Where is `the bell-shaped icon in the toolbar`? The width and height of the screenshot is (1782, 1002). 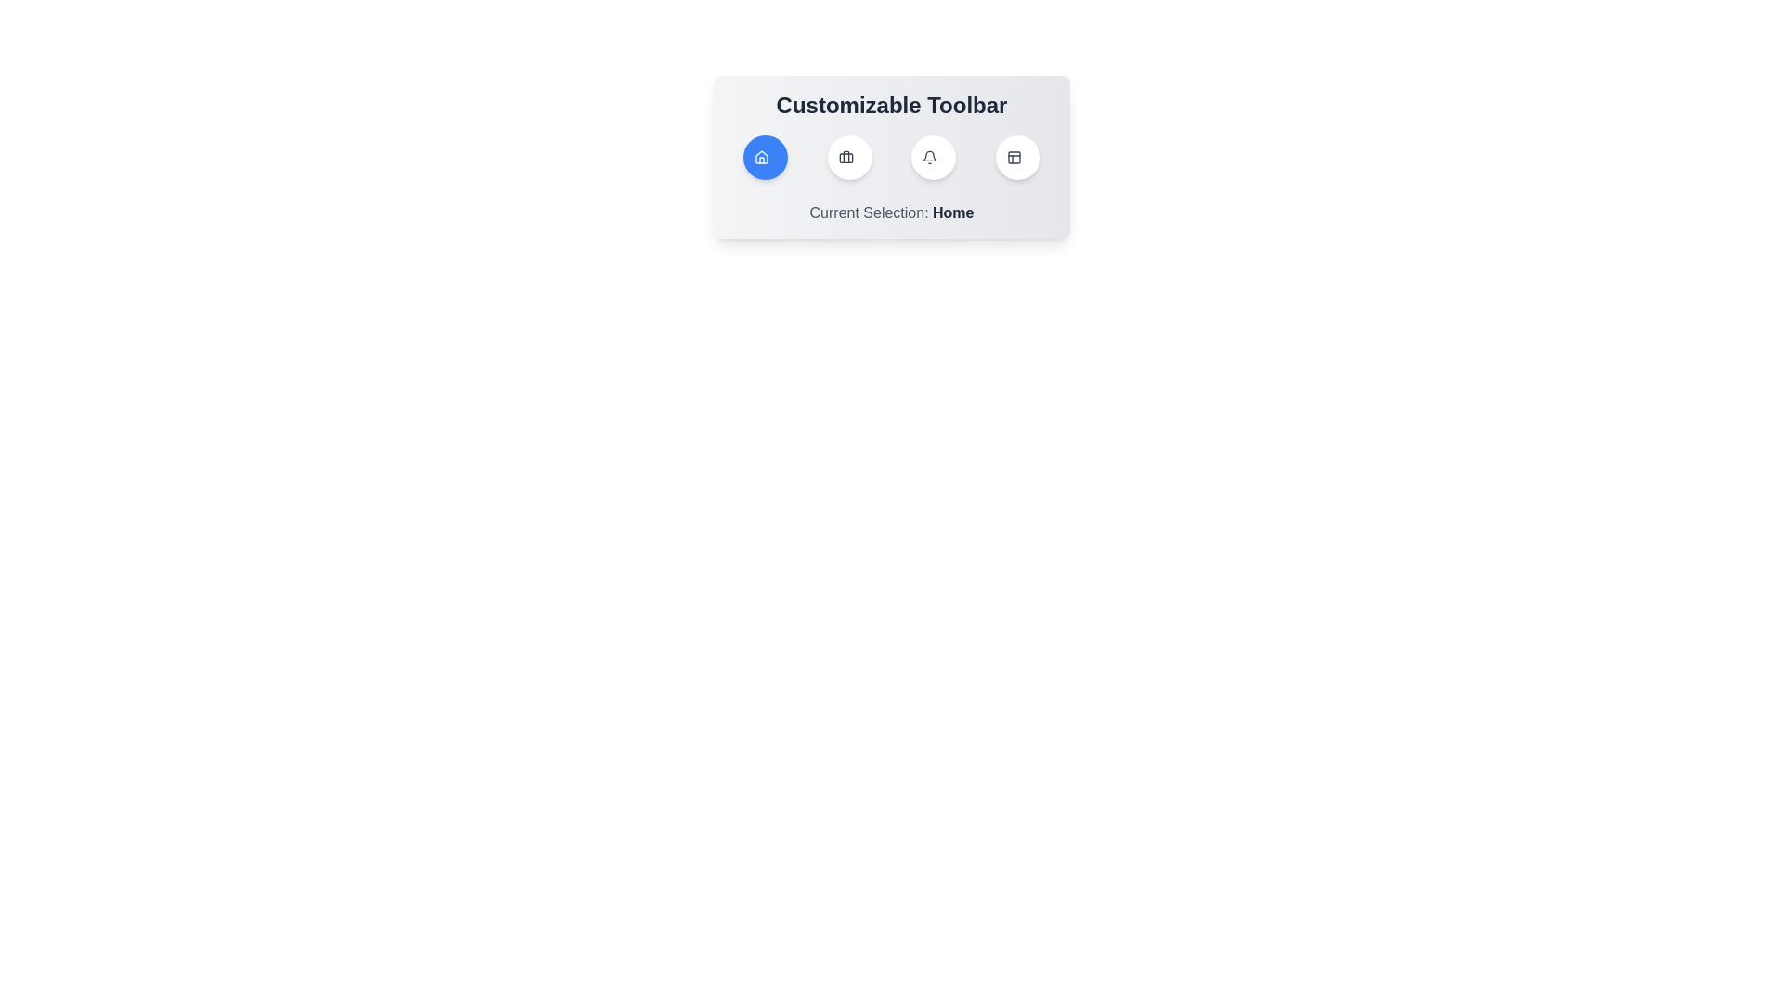
the bell-shaped icon in the toolbar is located at coordinates (930, 156).